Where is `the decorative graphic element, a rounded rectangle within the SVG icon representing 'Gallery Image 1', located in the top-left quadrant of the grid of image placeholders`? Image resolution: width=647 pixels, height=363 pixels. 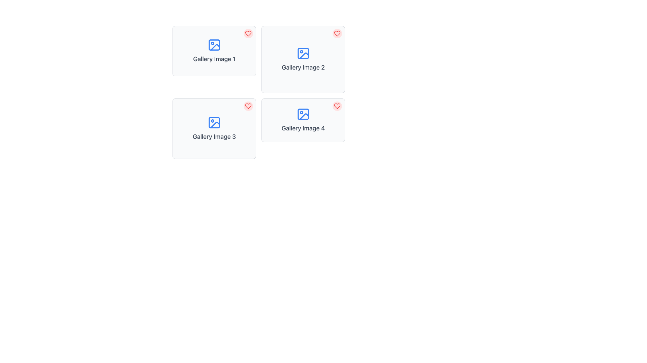
the decorative graphic element, a rounded rectangle within the SVG icon representing 'Gallery Image 1', located in the top-left quadrant of the grid of image placeholders is located at coordinates (214, 45).